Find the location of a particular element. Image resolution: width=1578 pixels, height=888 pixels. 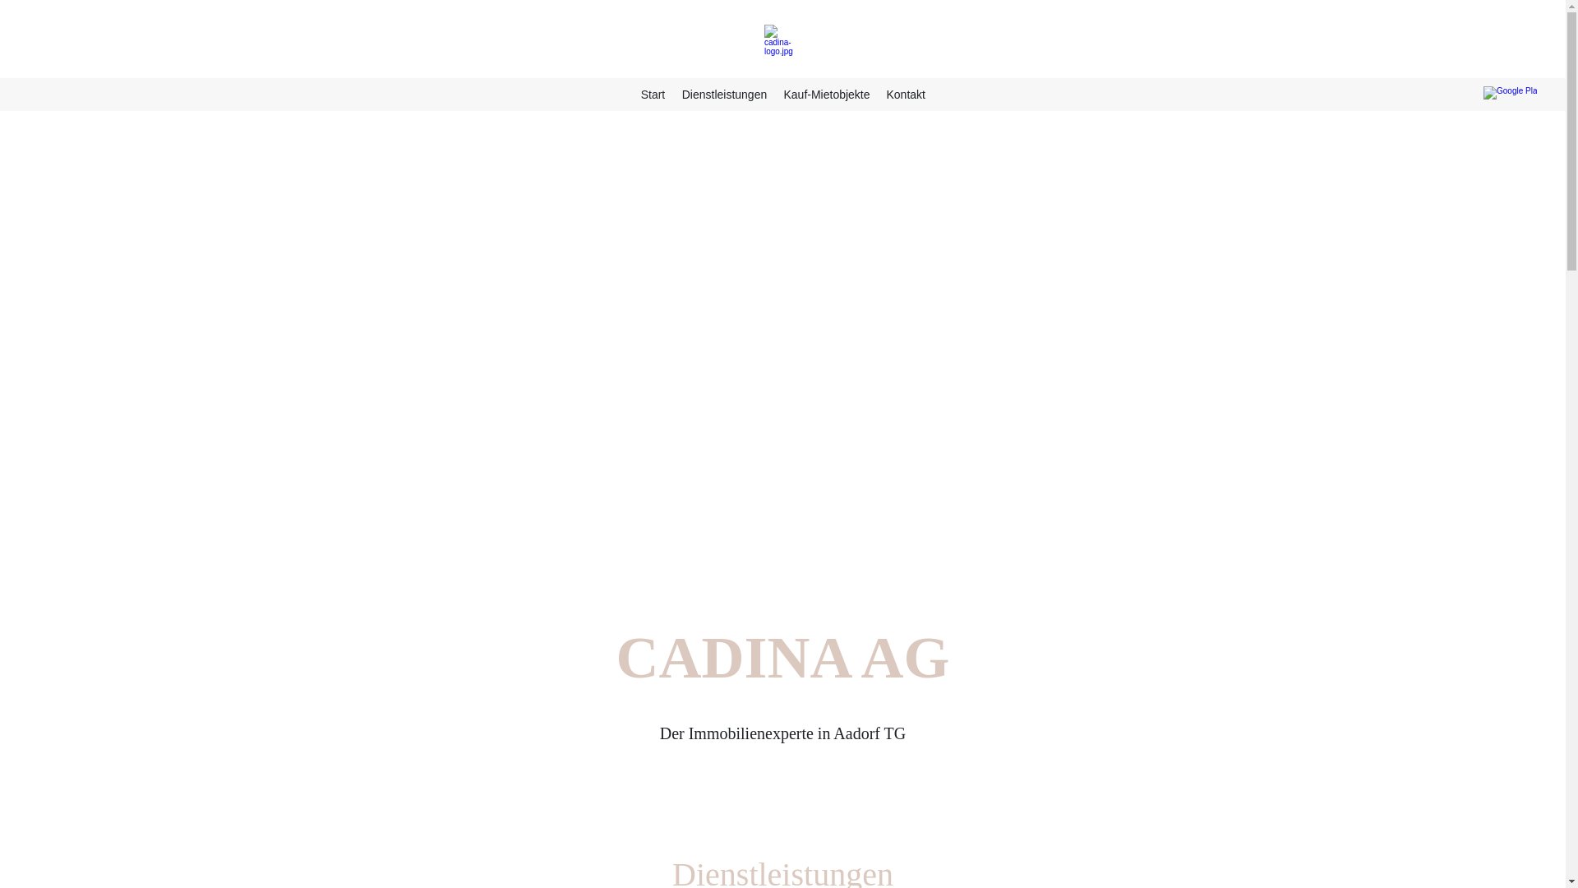

'Kauf-Mietobjekte' is located at coordinates (826, 95).